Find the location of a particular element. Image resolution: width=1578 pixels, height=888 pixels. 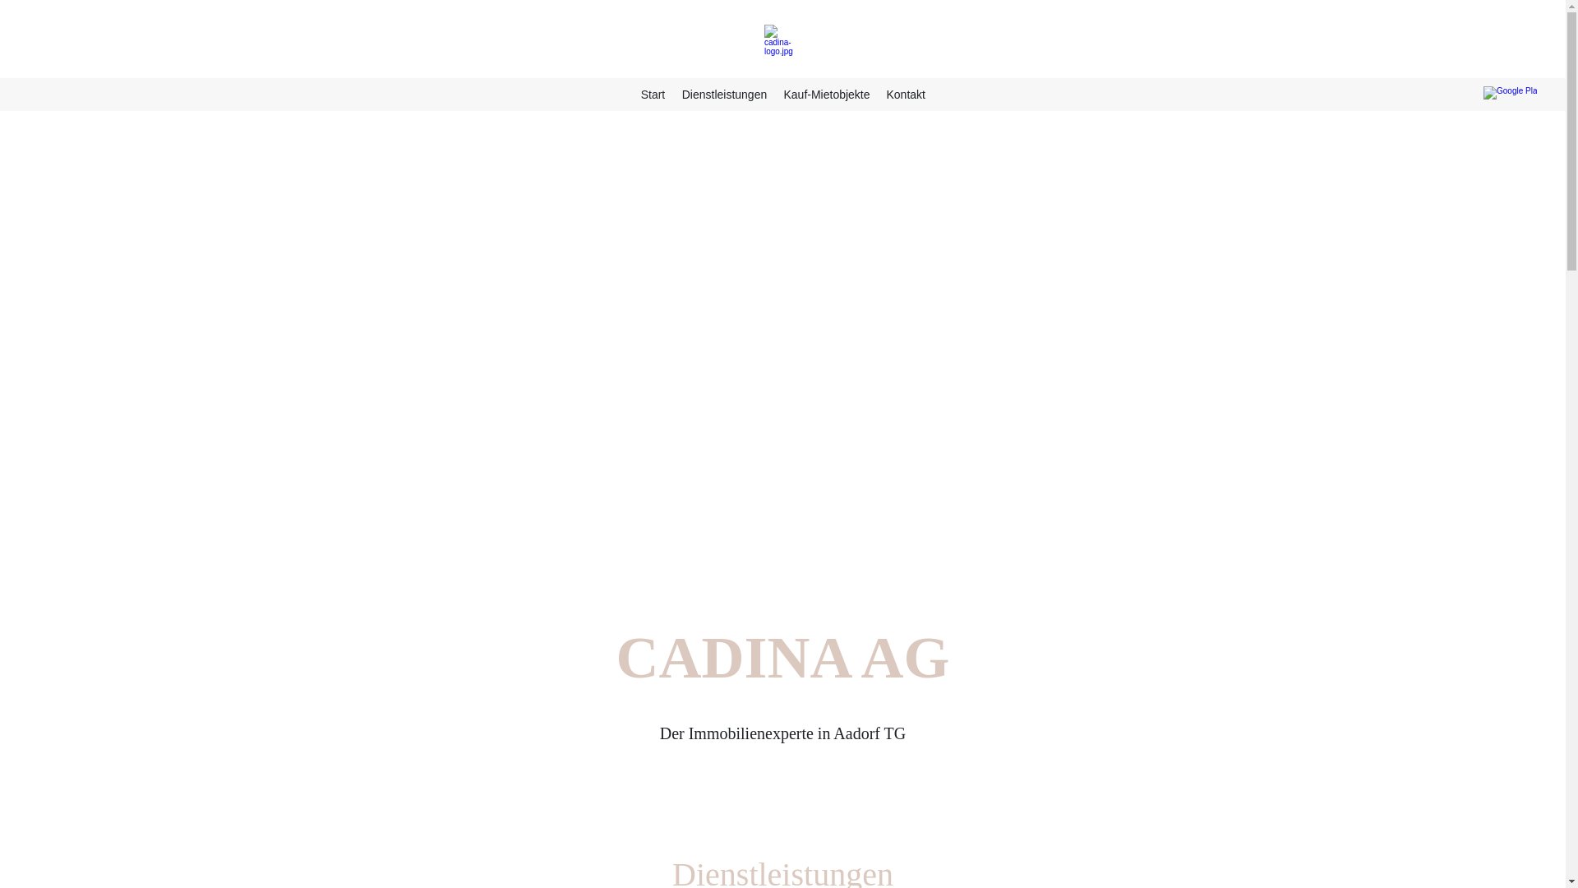

'Kauf-Mietobjekte' is located at coordinates (826, 95).